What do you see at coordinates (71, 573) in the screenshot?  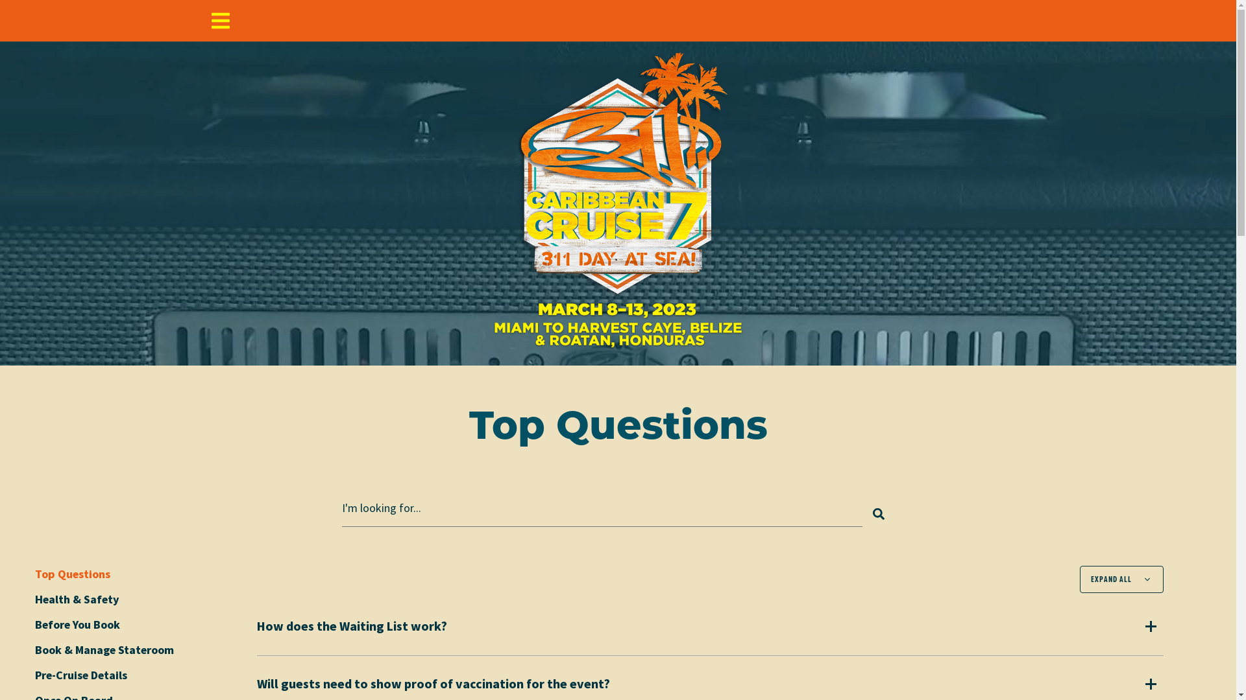 I see `'Top Questions'` at bounding box center [71, 573].